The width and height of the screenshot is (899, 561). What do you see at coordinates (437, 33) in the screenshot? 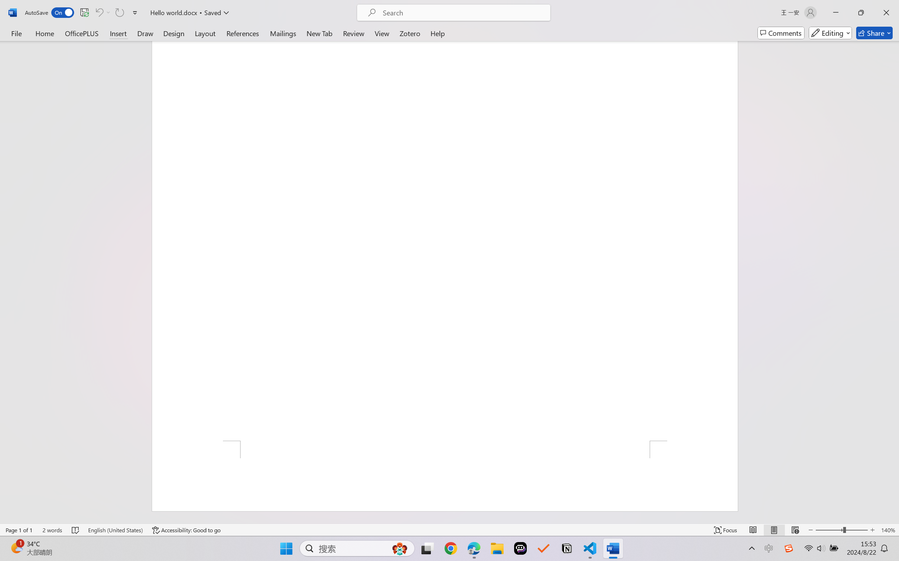
I see `'Help'` at bounding box center [437, 33].